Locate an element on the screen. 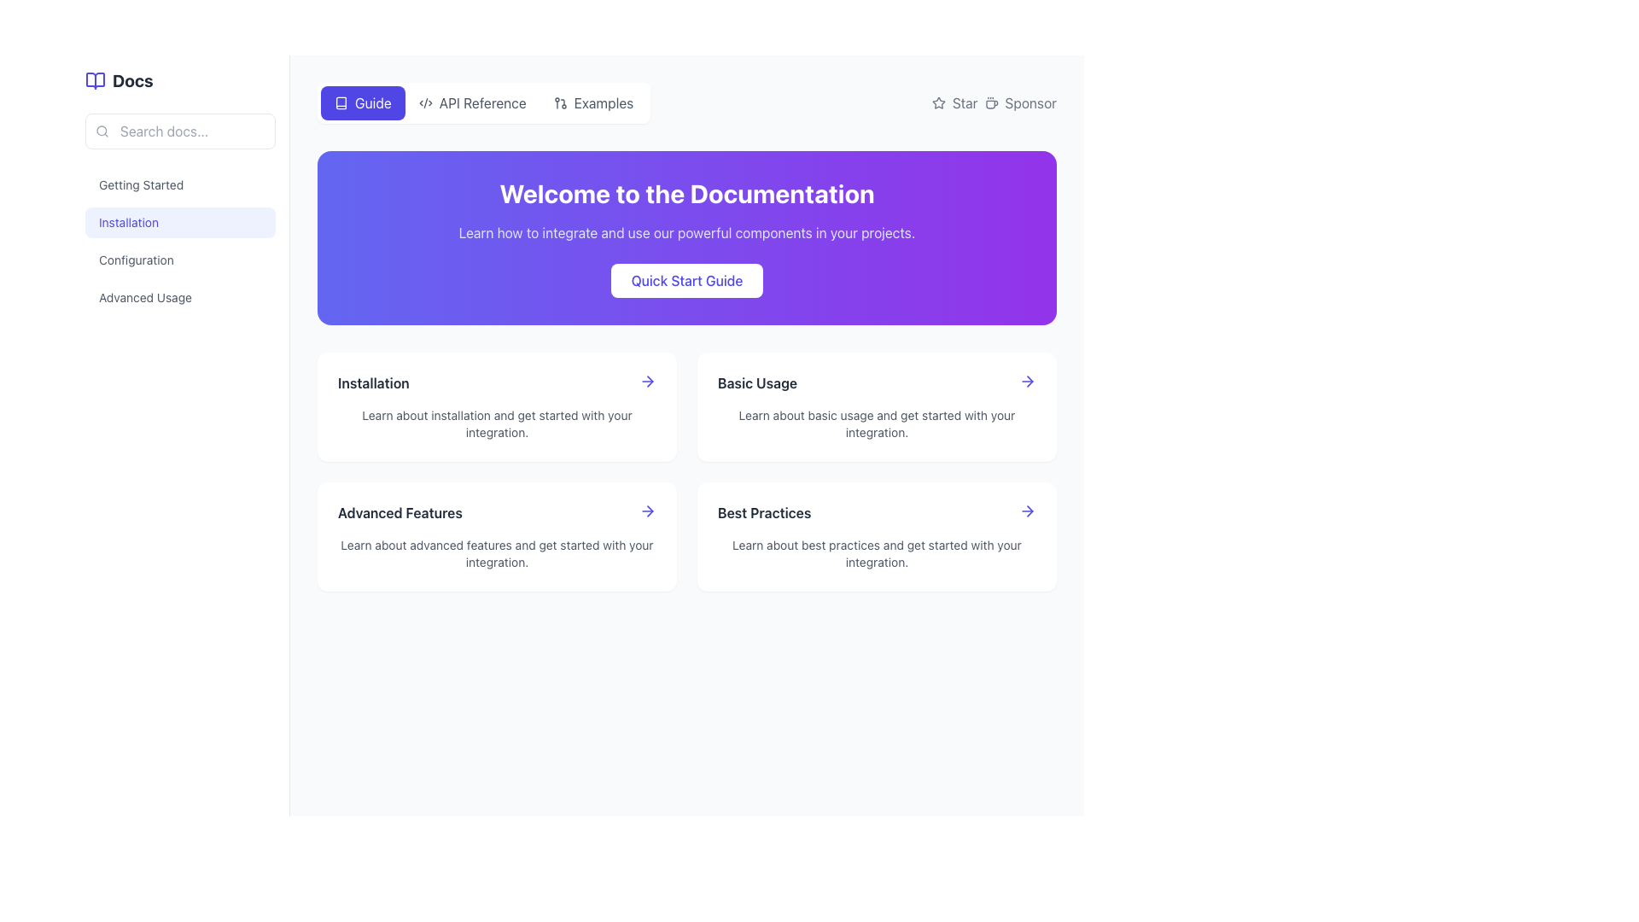  the 'Advanced Usage' button in the left sidebar is located at coordinates (180, 296).